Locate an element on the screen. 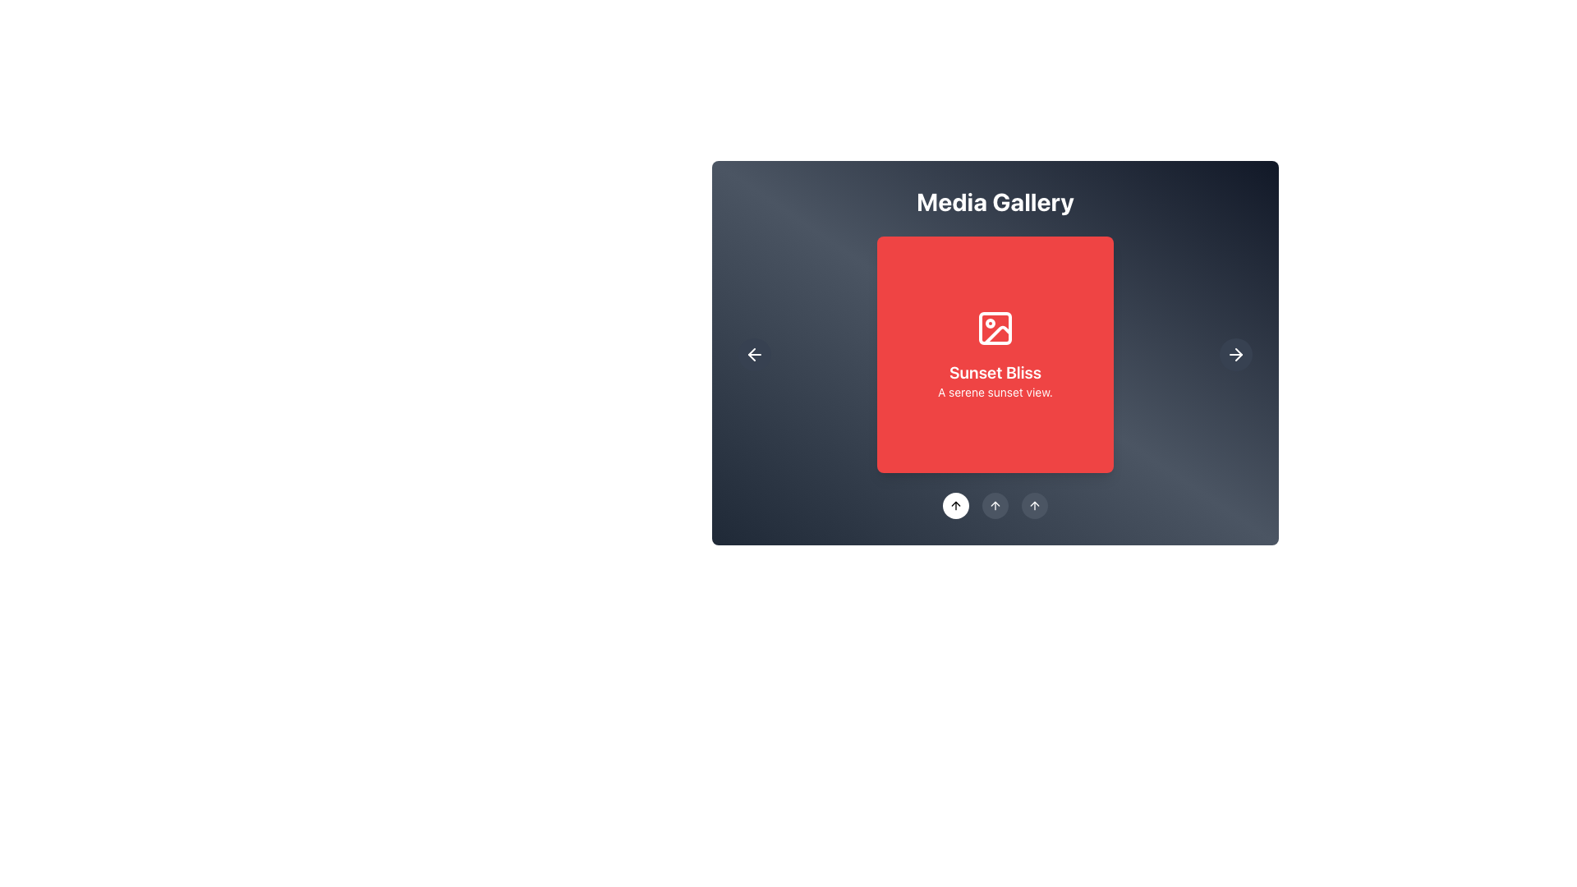 The width and height of the screenshot is (1577, 887). the central card in the media gallery, which features a gradient background, rounded edges, and white text, to interact with its elements is located at coordinates (994, 352).